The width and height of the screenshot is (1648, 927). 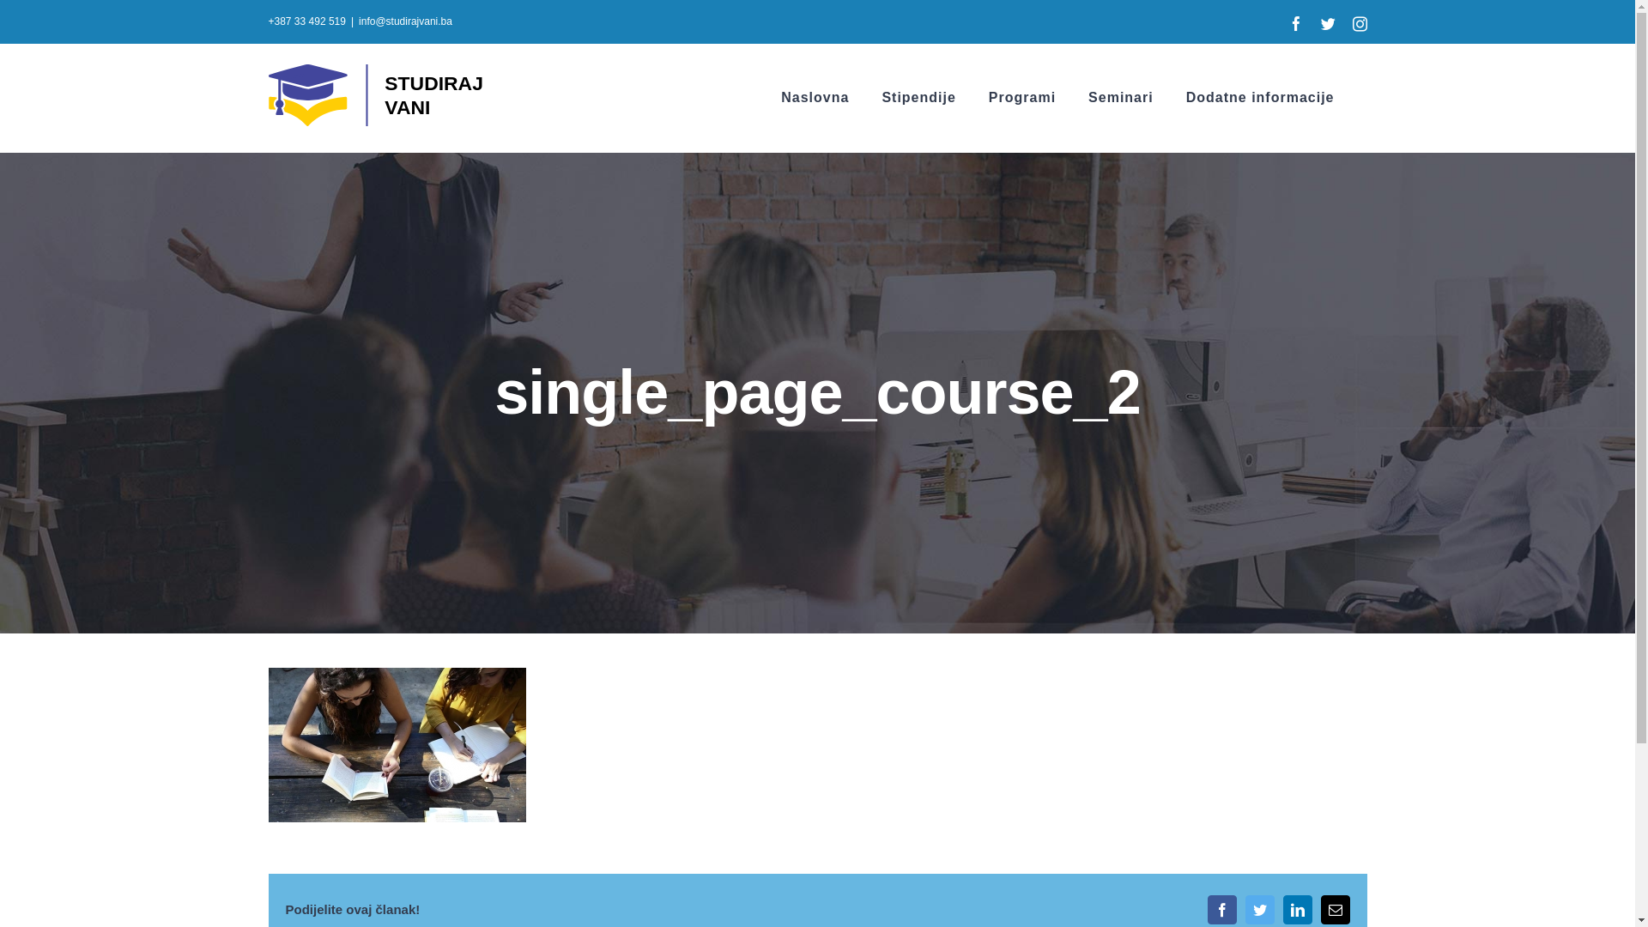 What do you see at coordinates (814, 98) in the screenshot?
I see `'Naslovna'` at bounding box center [814, 98].